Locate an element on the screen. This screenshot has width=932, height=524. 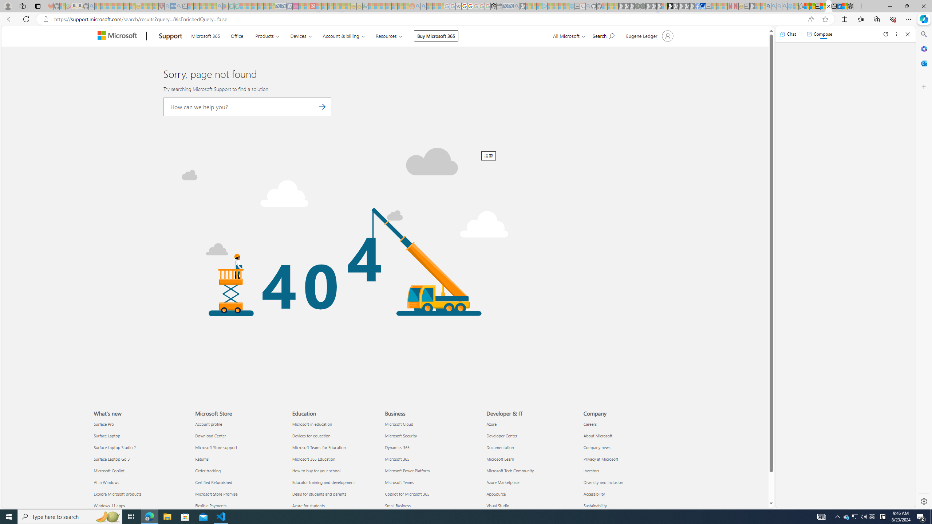
'Careers' is located at coordinates (628, 424).